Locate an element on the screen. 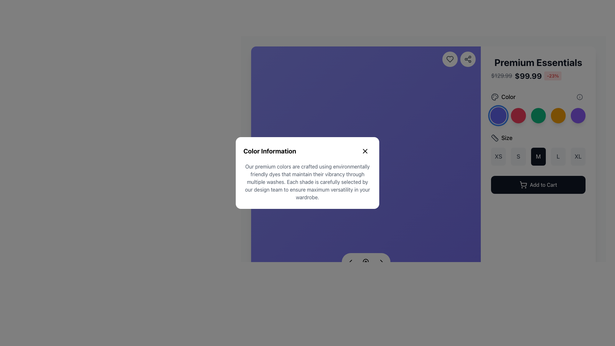  the text label displaying the discounted price '$129.99' with a strikethrough effect, styled in gray color, located near the top-right corner of the interface is located at coordinates (501, 75).